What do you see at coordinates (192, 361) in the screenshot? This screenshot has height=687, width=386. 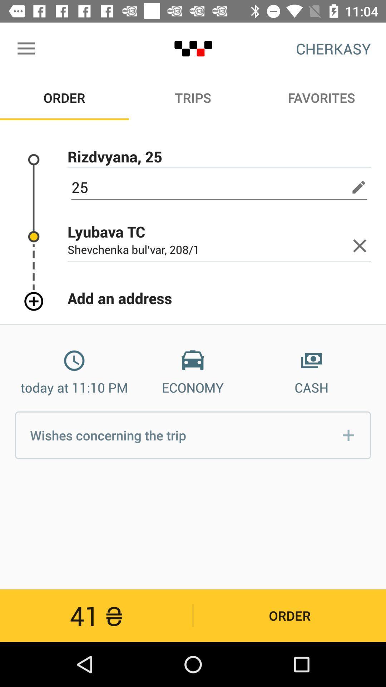 I see `the economy icon` at bounding box center [192, 361].